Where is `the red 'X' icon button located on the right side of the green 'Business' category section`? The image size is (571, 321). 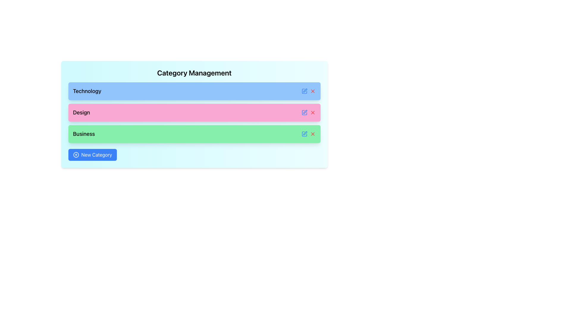
the red 'X' icon button located on the right side of the green 'Business' category section is located at coordinates (312, 134).